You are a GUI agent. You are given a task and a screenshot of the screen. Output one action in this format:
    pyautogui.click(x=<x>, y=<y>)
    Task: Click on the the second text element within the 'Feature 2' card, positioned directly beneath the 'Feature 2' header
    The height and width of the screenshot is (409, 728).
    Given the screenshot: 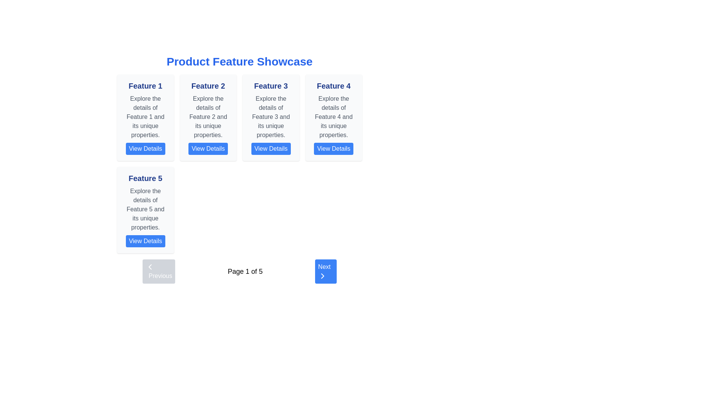 What is the action you would take?
    pyautogui.click(x=208, y=117)
    